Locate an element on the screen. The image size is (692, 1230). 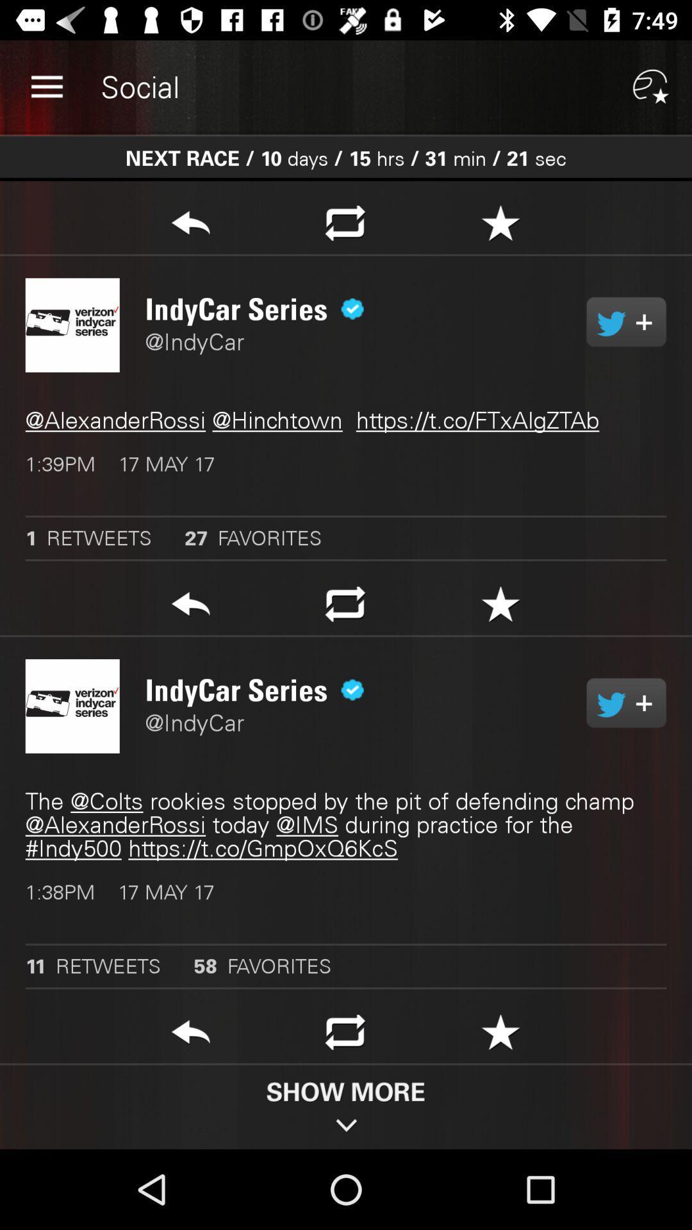
reply is located at coordinates (190, 1036).